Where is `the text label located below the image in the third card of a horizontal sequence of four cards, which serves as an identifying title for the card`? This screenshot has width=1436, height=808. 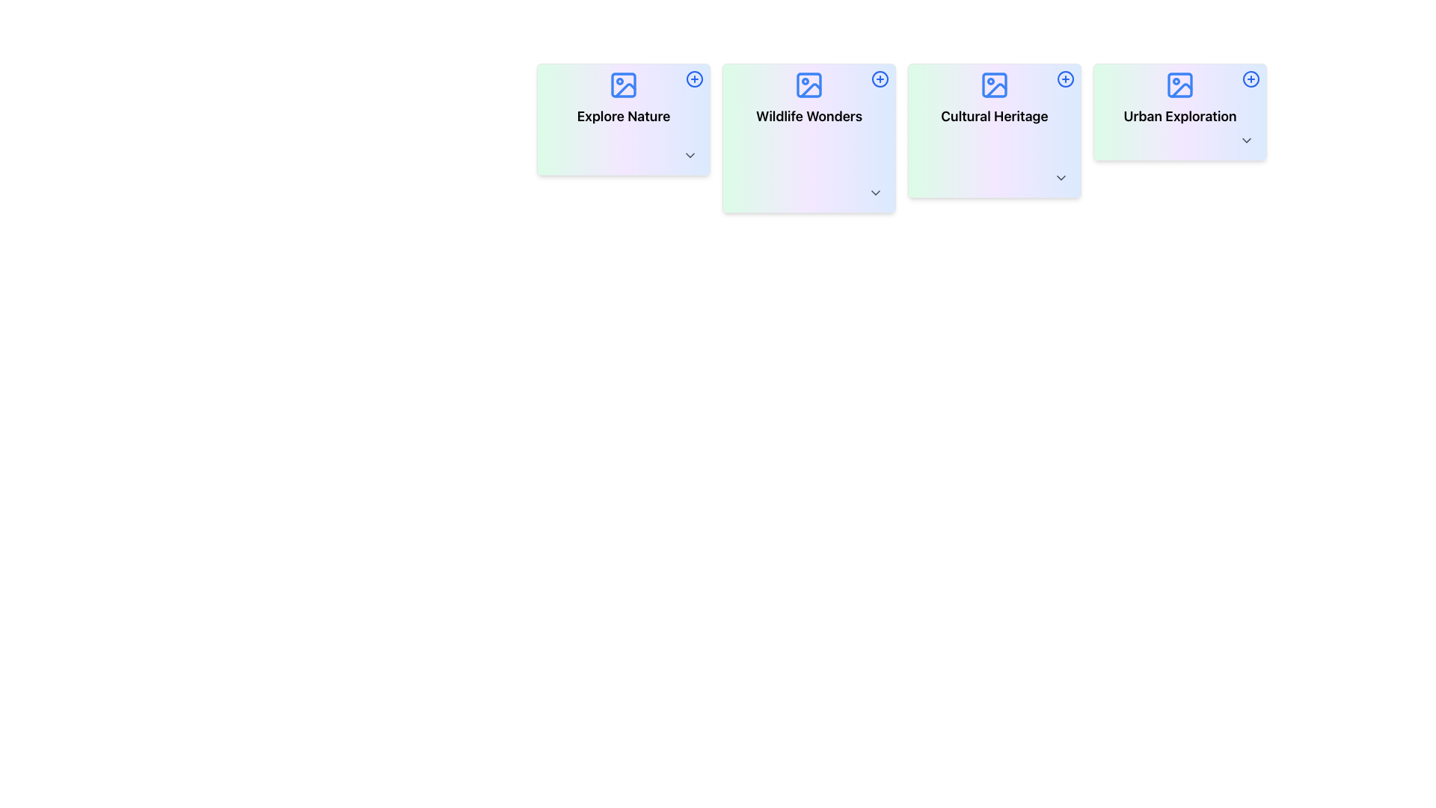
the text label located below the image in the third card of a horizontal sequence of four cards, which serves as an identifying title for the card is located at coordinates (994, 115).